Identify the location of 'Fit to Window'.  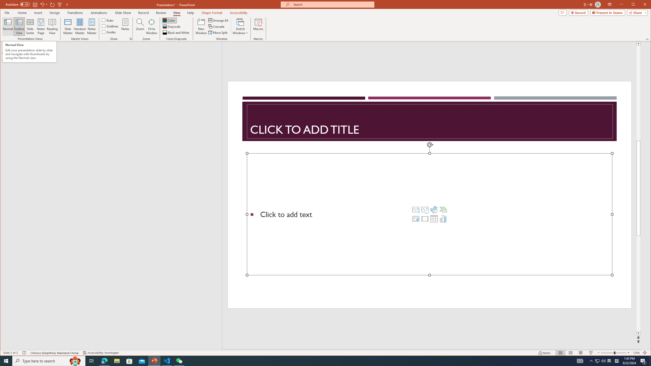
(151, 26).